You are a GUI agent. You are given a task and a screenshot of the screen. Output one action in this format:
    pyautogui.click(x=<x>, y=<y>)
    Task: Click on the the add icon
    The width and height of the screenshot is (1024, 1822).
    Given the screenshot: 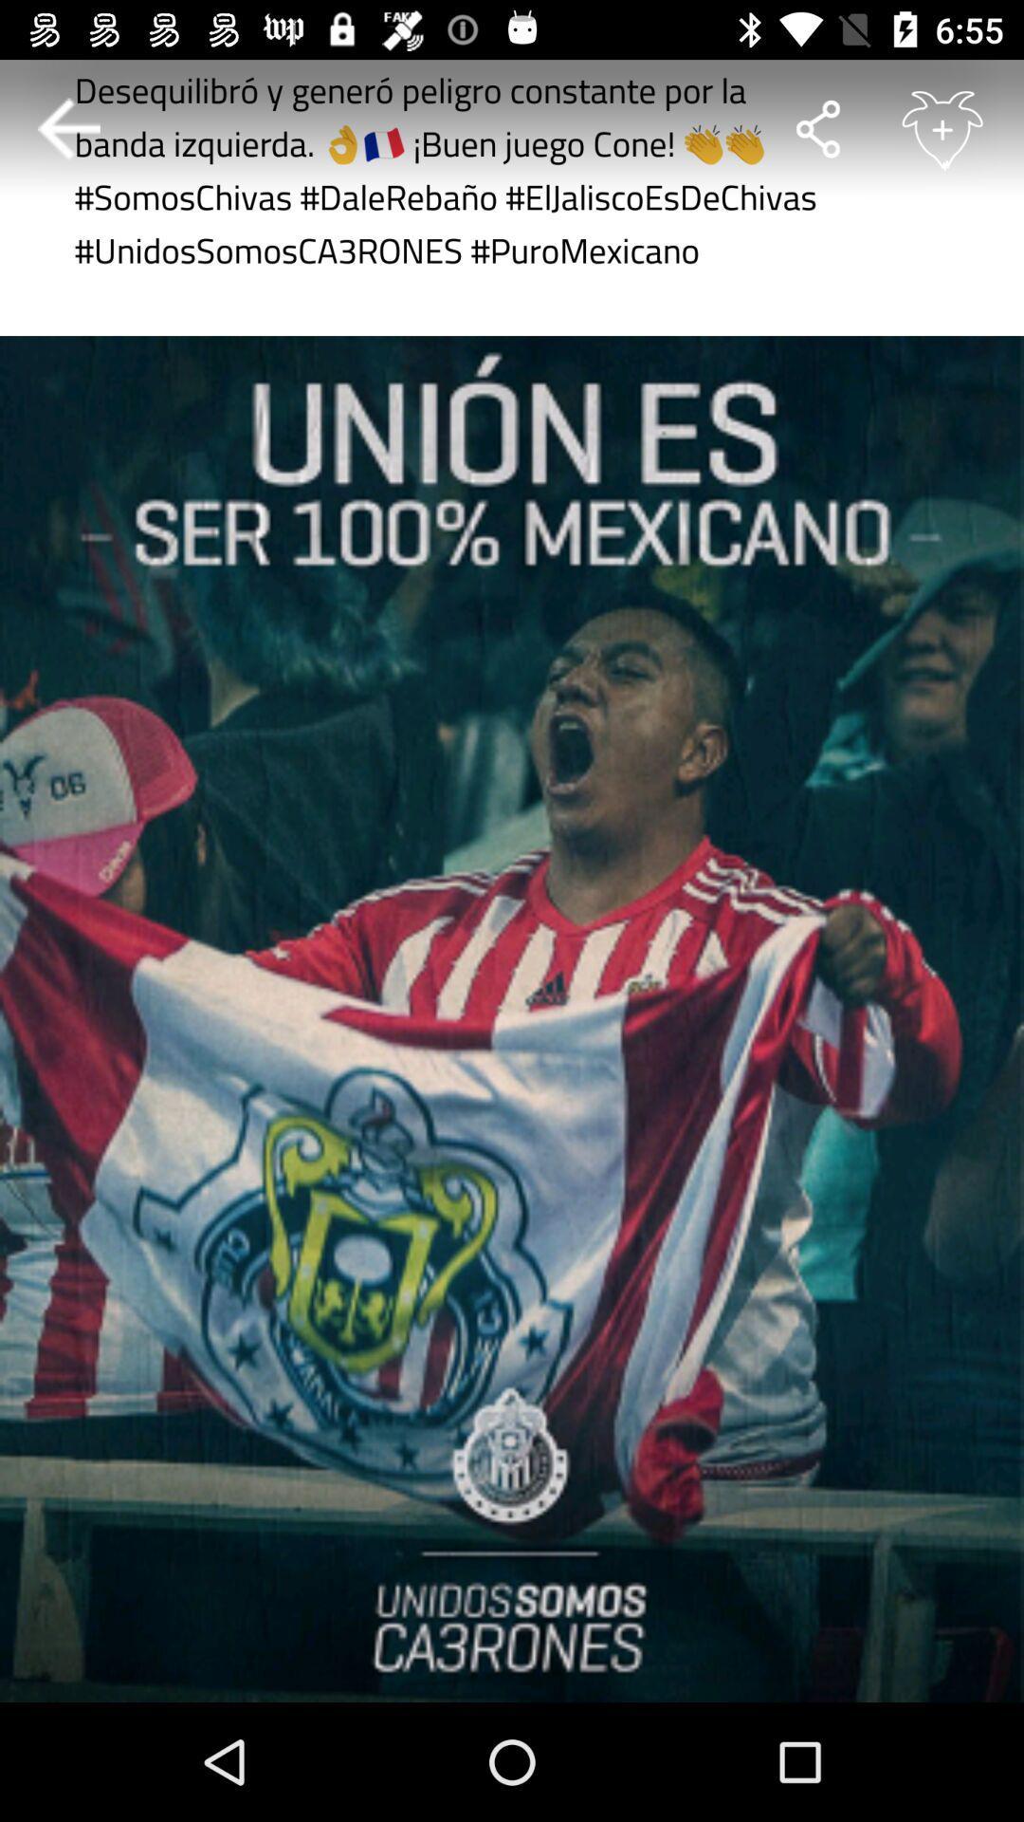 What is the action you would take?
    pyautogui.click(x=942, y=127)
    